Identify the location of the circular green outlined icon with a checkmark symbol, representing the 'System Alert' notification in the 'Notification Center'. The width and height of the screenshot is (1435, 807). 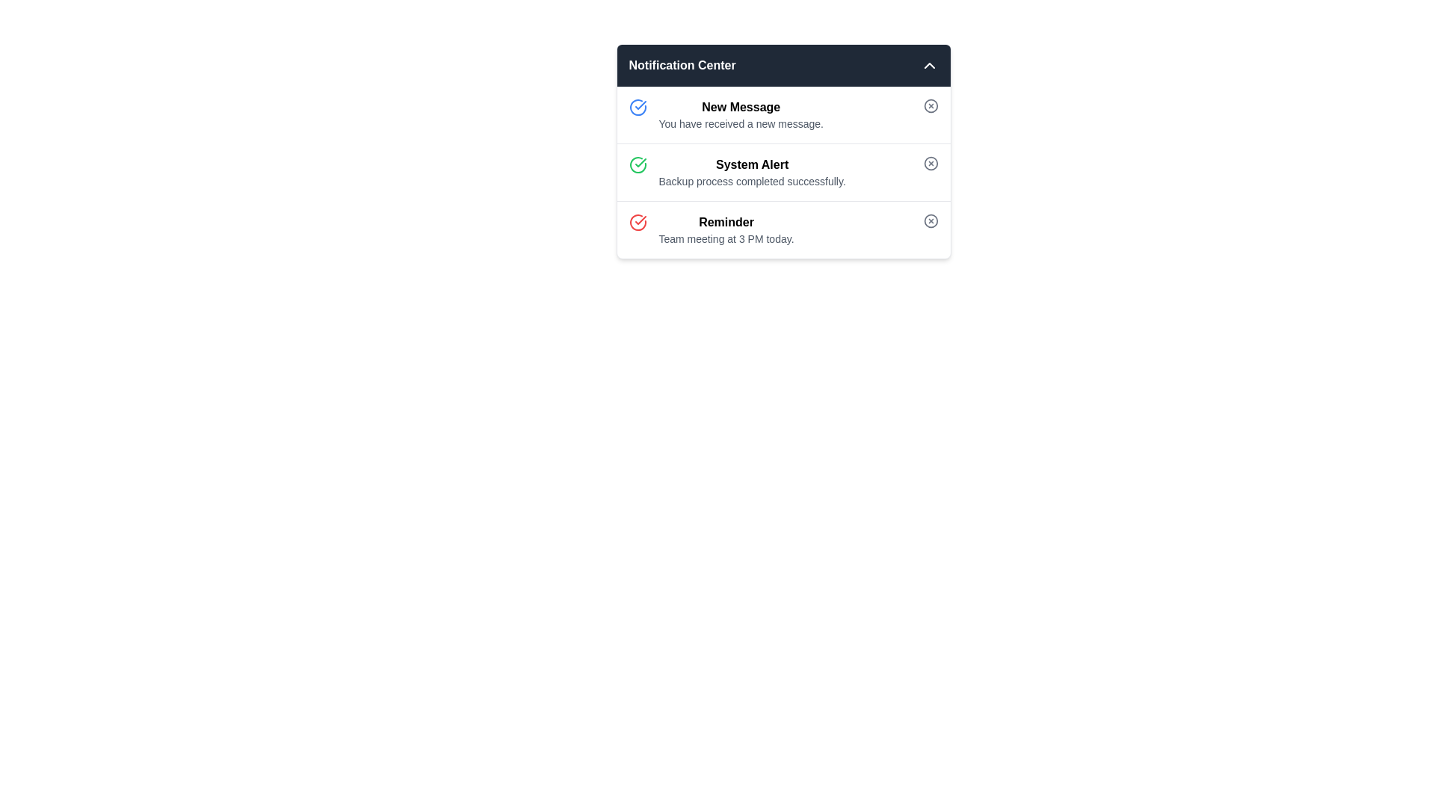
(638, 164).